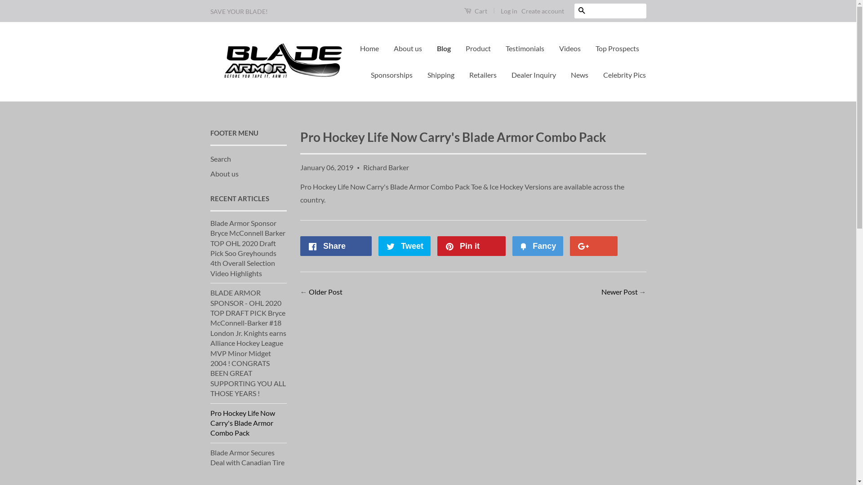 This screenshot has height=485, width=863. Describe the element at coordinates (538, 246) in the screenshot. I see `'Fancy` at that location.